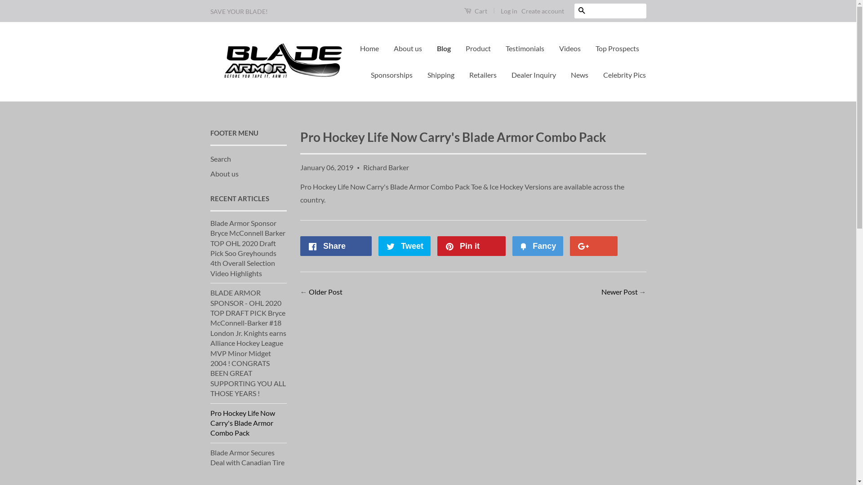 This screenshot has height=485, width=863. Describe the element at coordinates (538, 246) in the screenshot. I see `'Fancy` at that location.